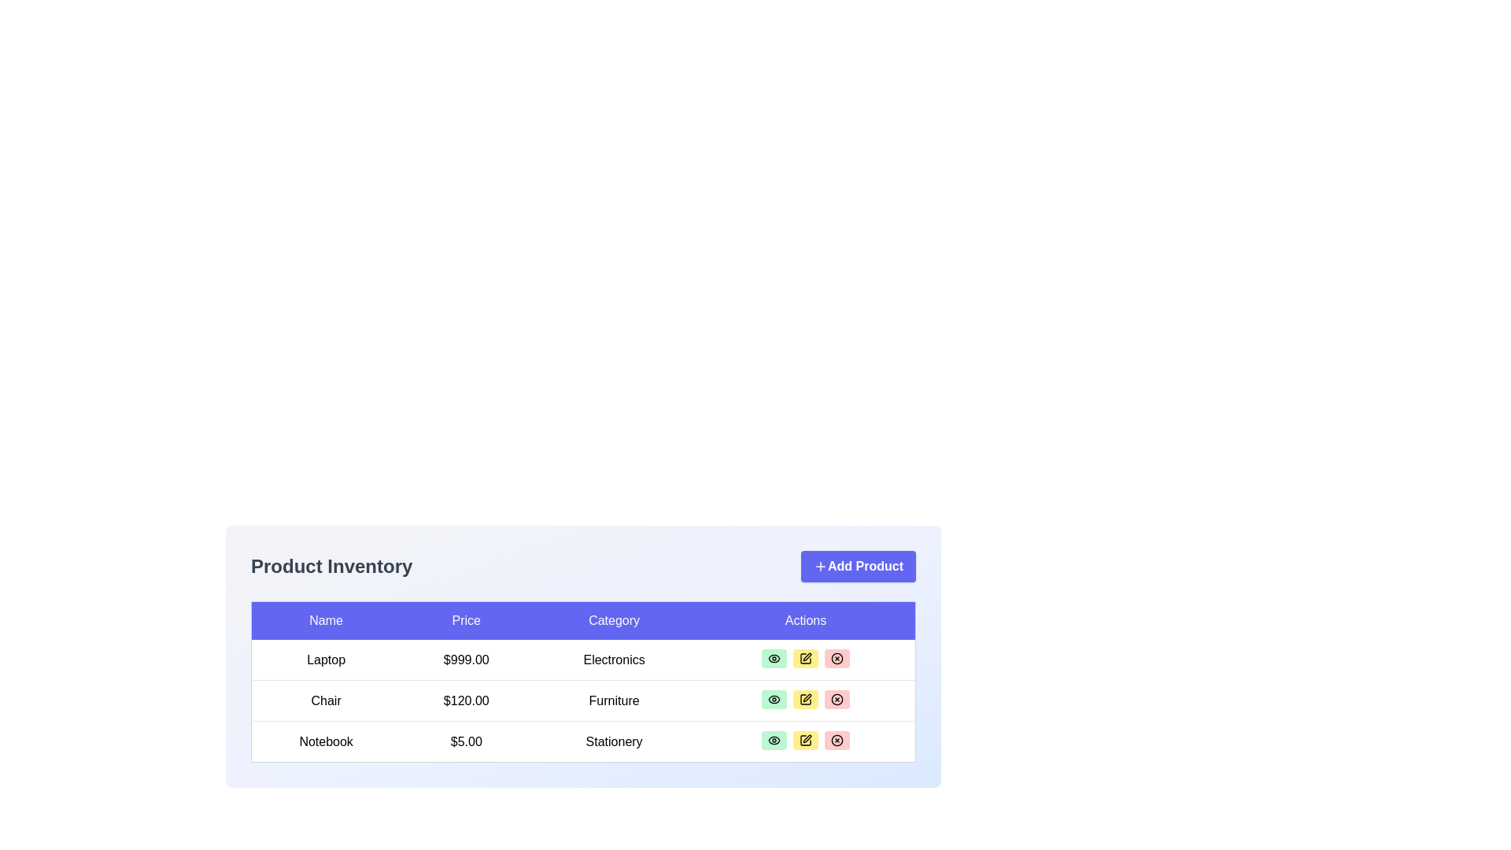 Image resolution: width=1511 pixels, height=850 pixels. I want to click on the text element displaying the dollar value '$5.00' located in the second column of the table under the 'Price' header, aligned with the row containing 'Notebook', so click(465, 741).